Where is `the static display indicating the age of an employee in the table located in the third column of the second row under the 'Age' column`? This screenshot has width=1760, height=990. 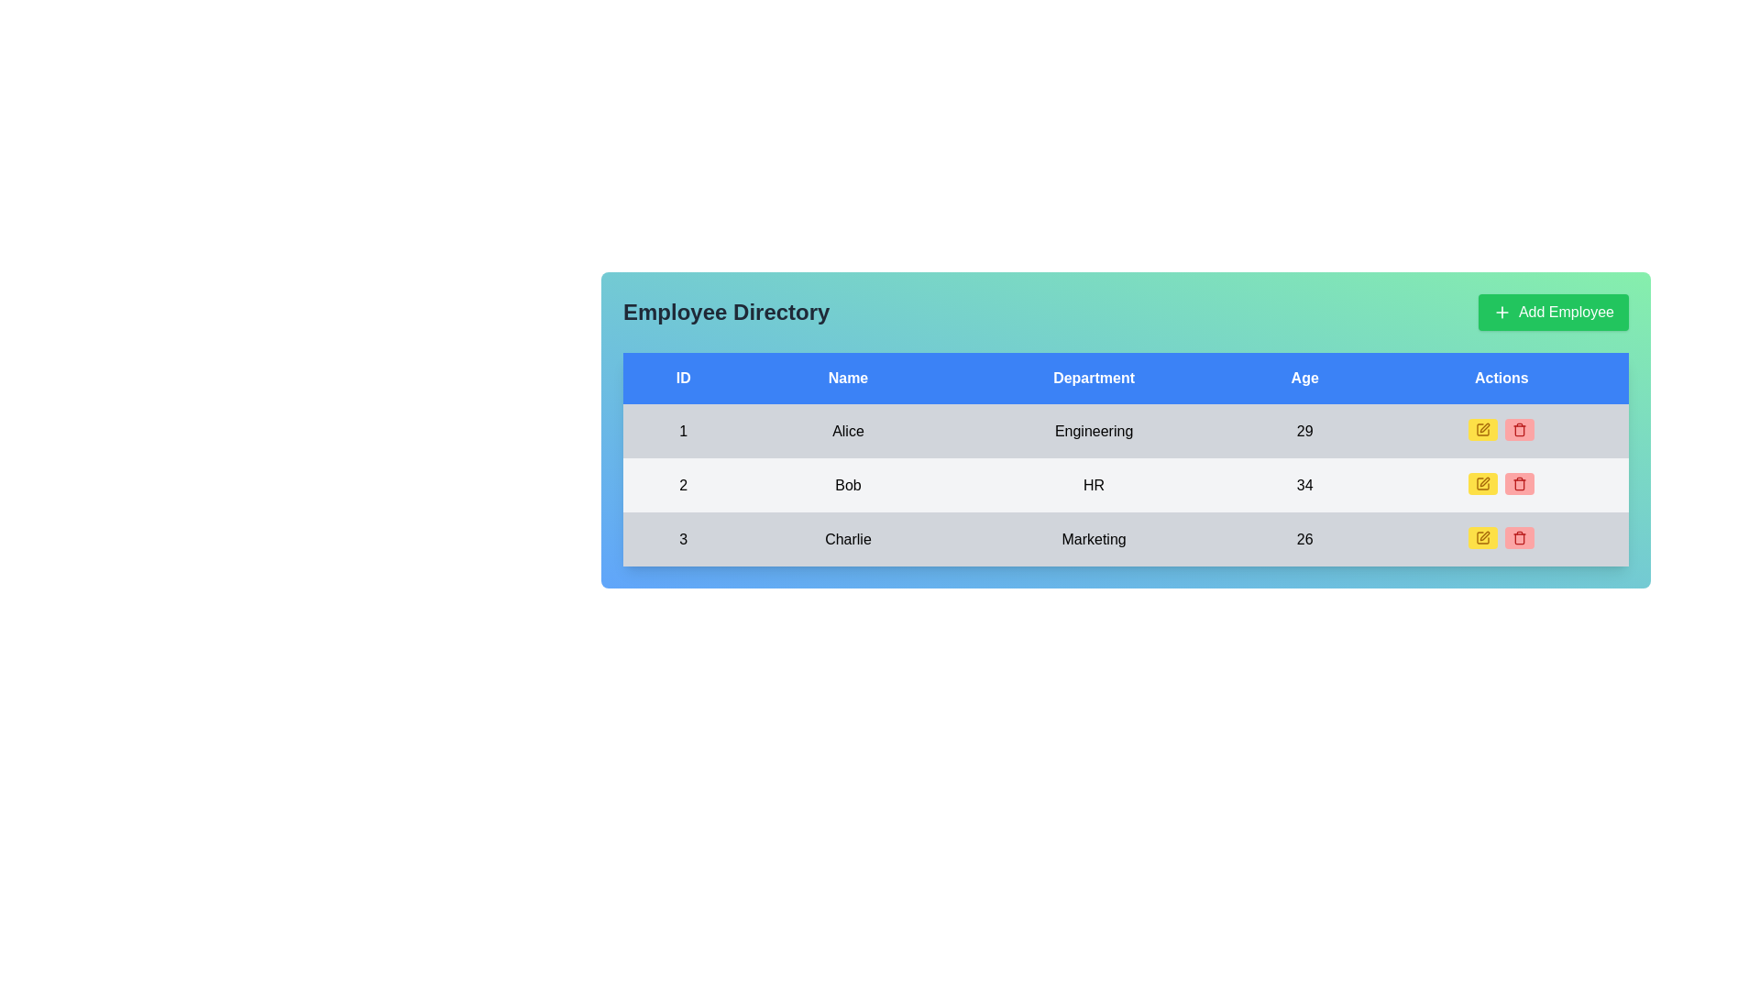
the static display indicating the age of an employee in the table located in the third column of the second row under the 'Age' column is located at coordinates (1303, 431).